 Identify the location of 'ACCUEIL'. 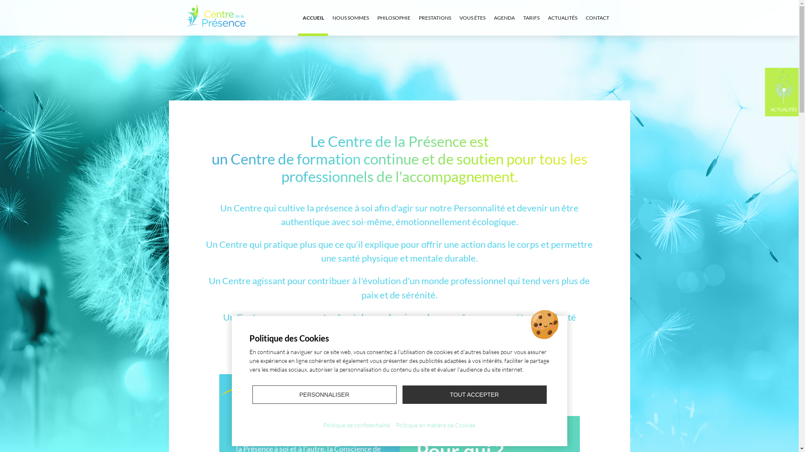
(313, 18).